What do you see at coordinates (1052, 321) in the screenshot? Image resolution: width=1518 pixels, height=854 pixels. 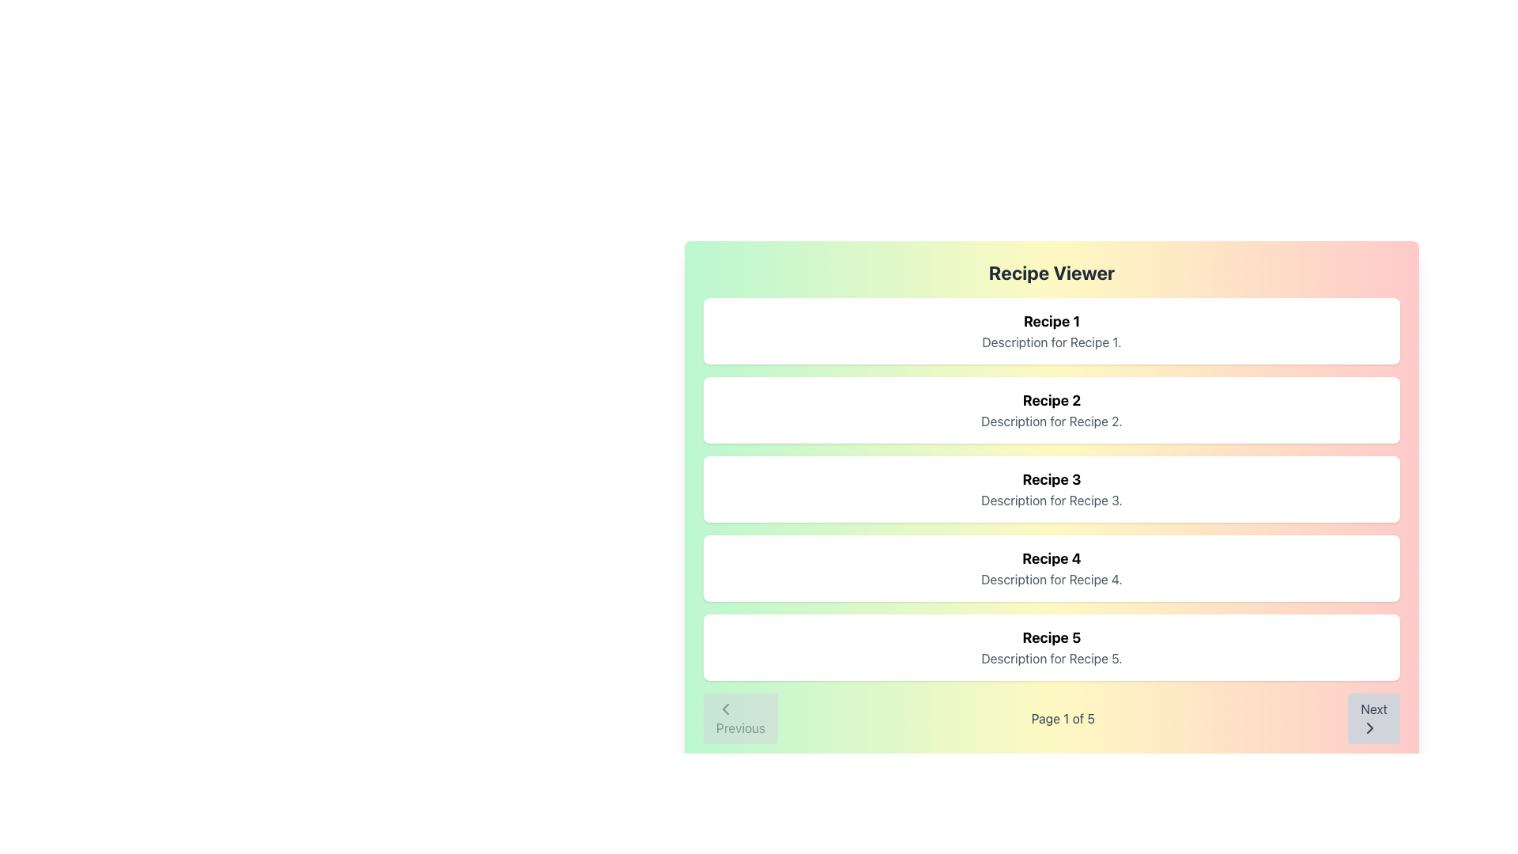 I see `the Text Label that serves as the title for the first recipe entry in the list` at bounding box center [1052, 321].